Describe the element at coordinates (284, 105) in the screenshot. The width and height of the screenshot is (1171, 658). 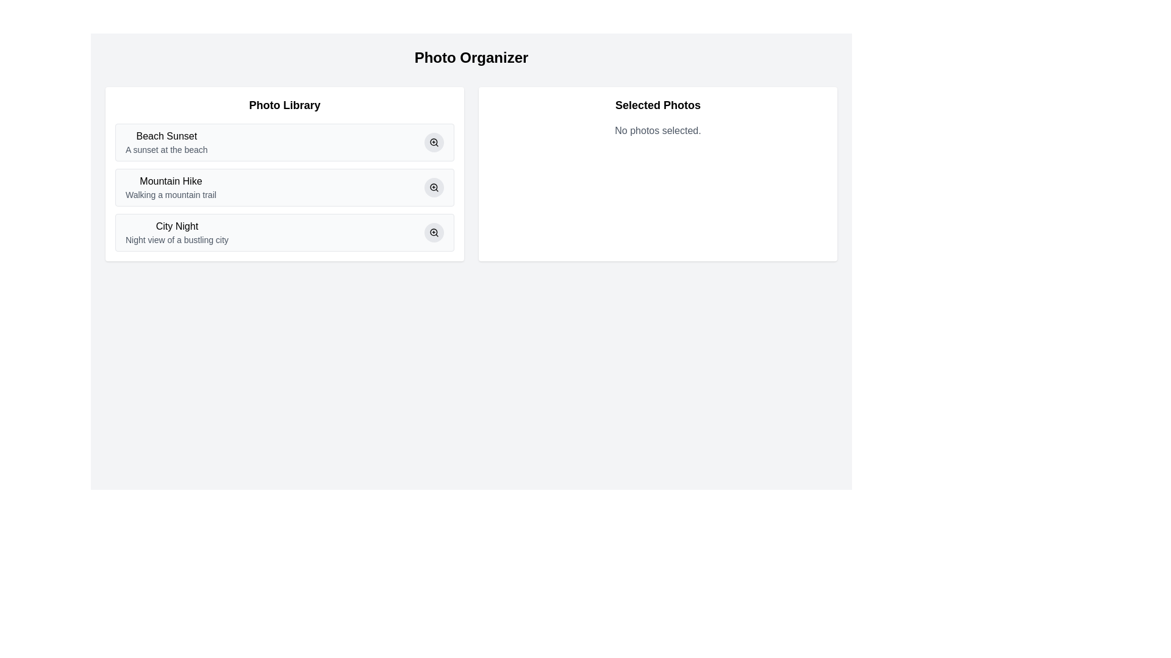
I see `the 'Photo Library' text label located at the top of the left column in the two-column layout` at that location.